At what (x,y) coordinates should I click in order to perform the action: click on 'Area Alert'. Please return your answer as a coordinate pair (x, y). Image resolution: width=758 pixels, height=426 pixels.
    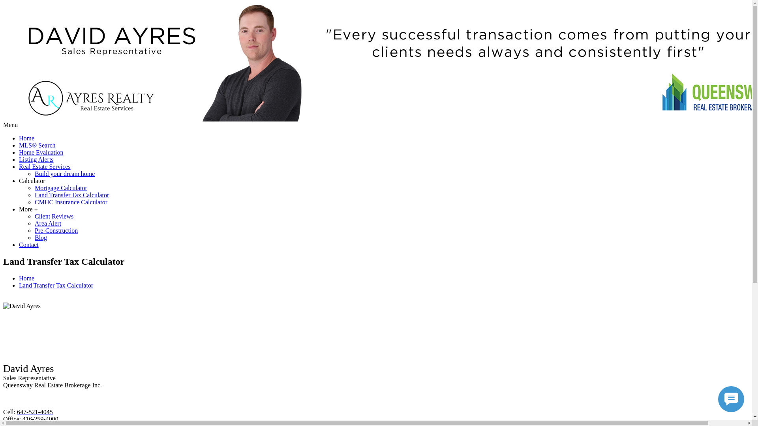
    Looking at the image, I should click on (47, 223).